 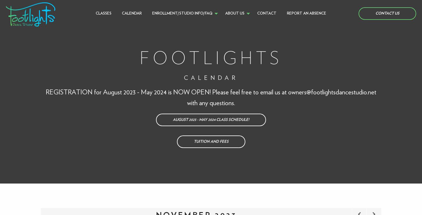 I want to click on 'CONTACT US', so click(x=387, y=13).